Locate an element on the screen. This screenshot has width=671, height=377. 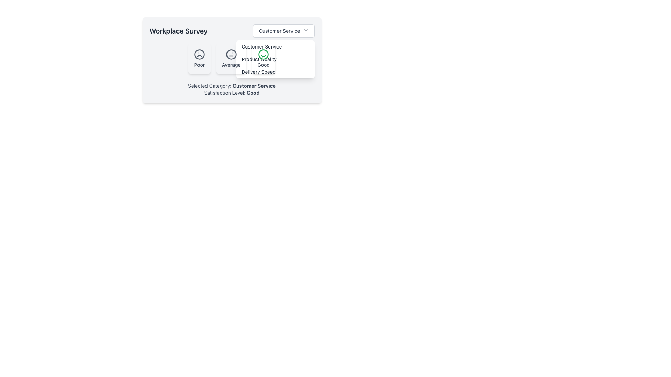
static text label indicating the user's satisfaction level, which displays 'Good'. This label is located near the top center of the interface, directly below the 'Selected Category: Customer Service' text is located at coordinates (232, 93).